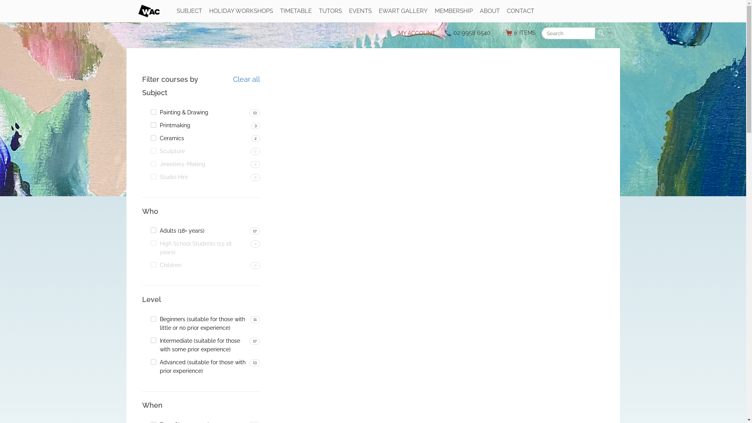  What do you see at coordinates (246, 80) in the screenshot?
I see `'Clear all'` at bounding box center [246, 80].